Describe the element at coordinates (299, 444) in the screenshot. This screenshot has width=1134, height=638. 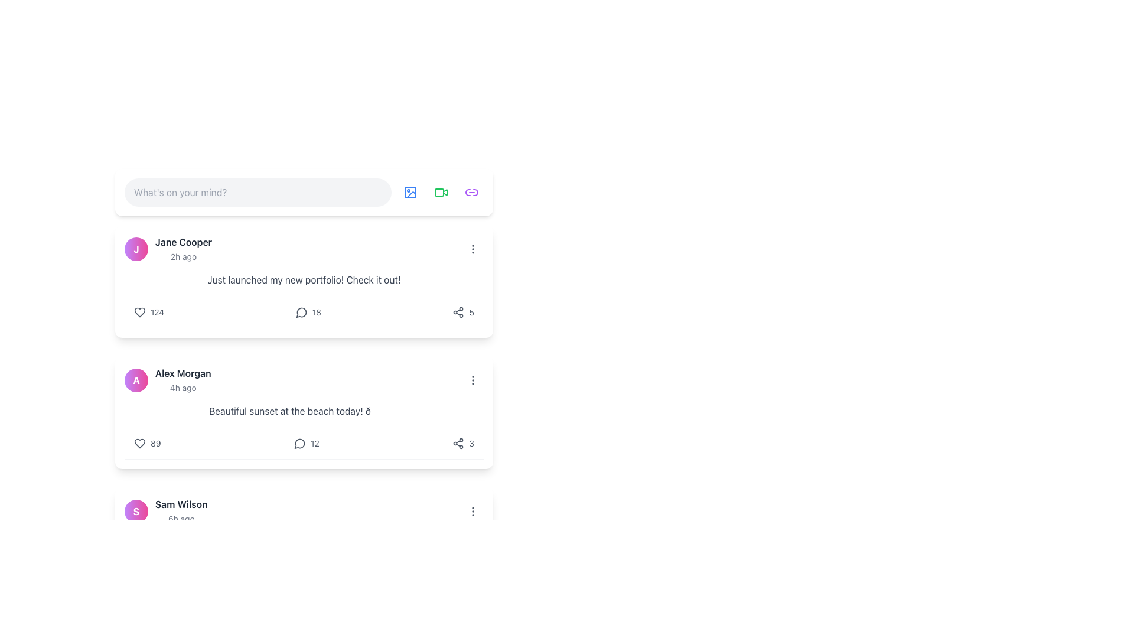
I see `the speech bubble icon located below the username 'Alex Morgan'` at that location.